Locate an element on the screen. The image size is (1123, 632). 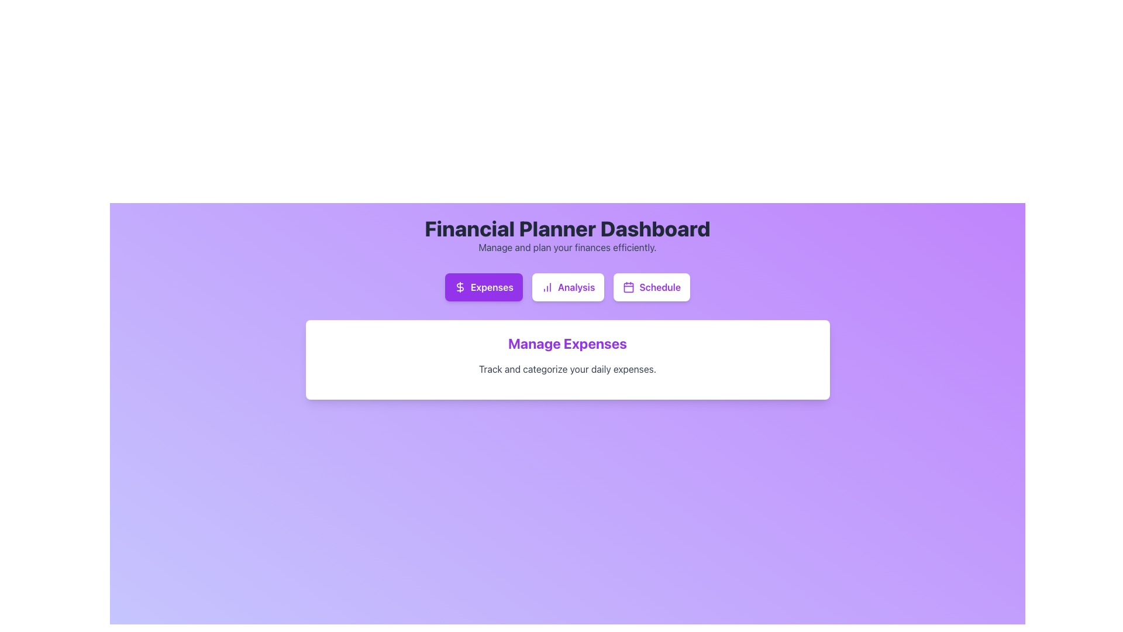
the purple column chart icon located to the left of the 'Analysis' text in the middle button of the button set is located at coordinates (546, 287).